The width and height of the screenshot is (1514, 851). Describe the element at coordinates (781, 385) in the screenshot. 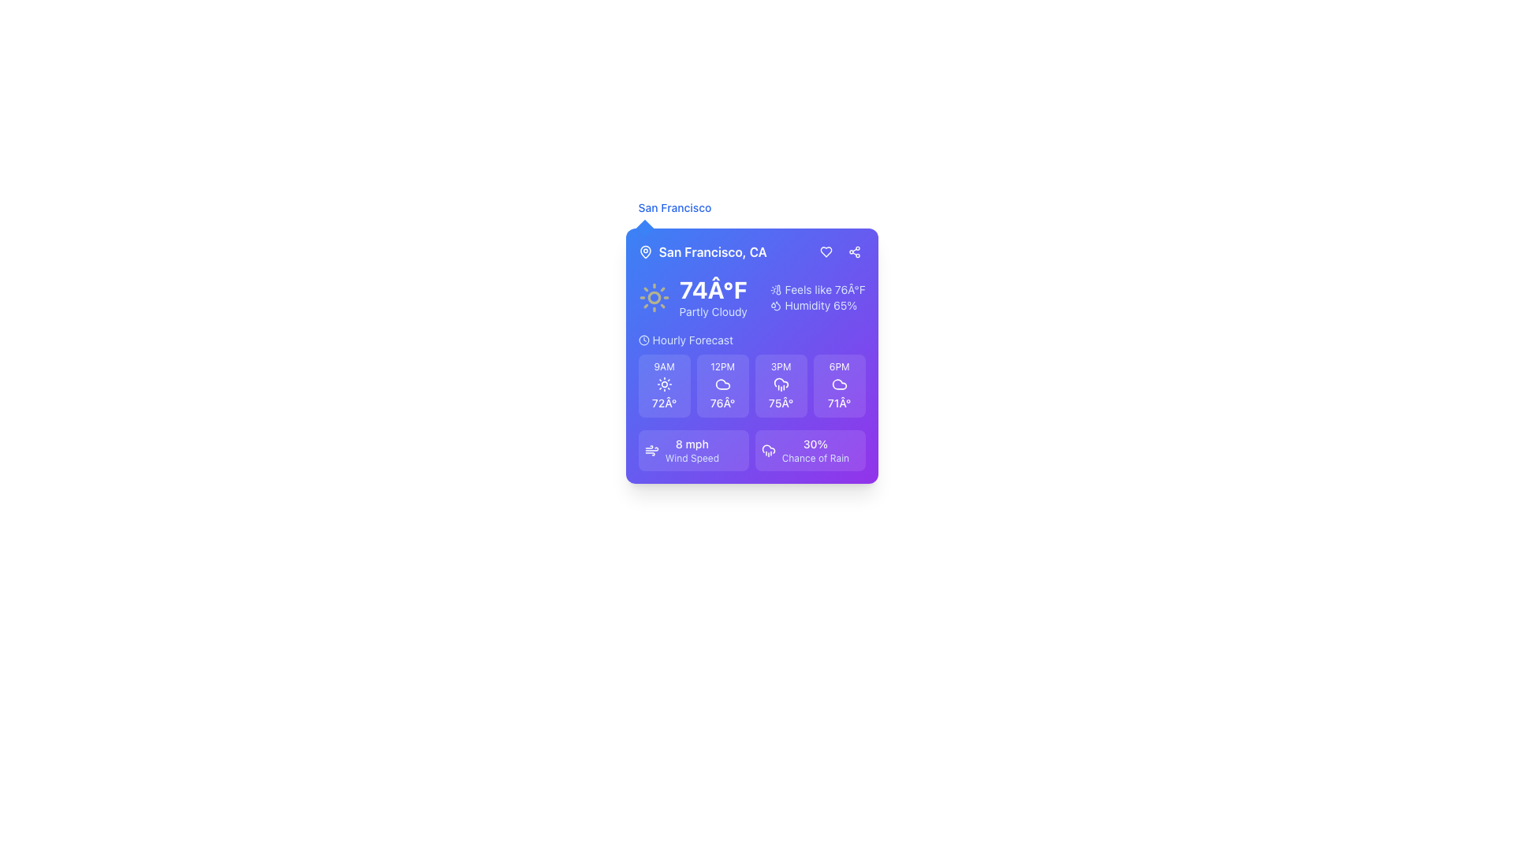

I see `weather forecast details from the Information display card located in the Hourly Forecast section, specifically the card for 3PM, which is the third box in a series of four` at that location.